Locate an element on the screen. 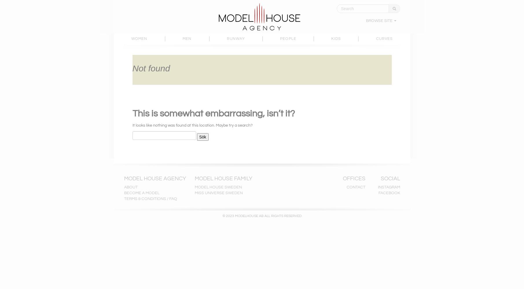 This screenshot has height=289, width=524. 'FACEBOOK' is located at coordinates (389, 193).